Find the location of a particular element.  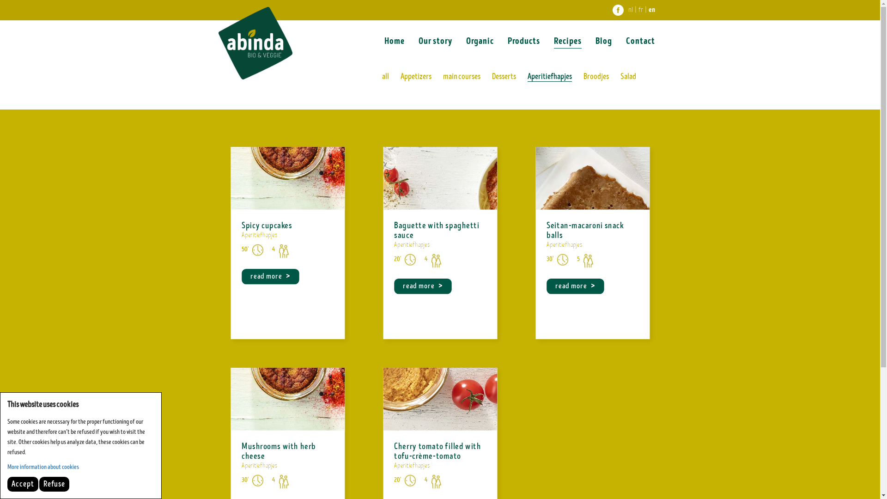

'nl' is located at coordinates (630, 10).